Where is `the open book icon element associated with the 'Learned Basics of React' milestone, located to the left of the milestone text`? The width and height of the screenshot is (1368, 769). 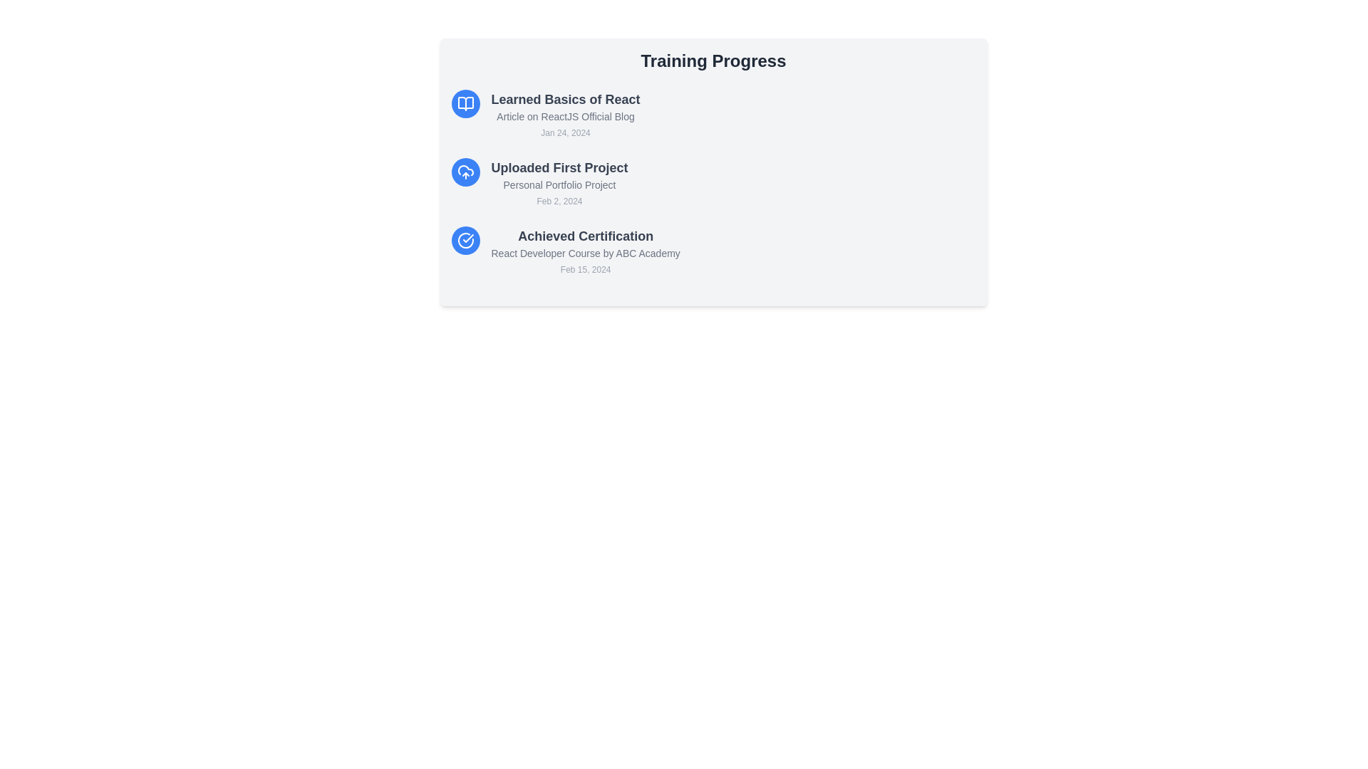
the open book icon element associated with the 'Learned Basics of React' milestone, located to the left of the milestone text is located at coordinates (465, 103).